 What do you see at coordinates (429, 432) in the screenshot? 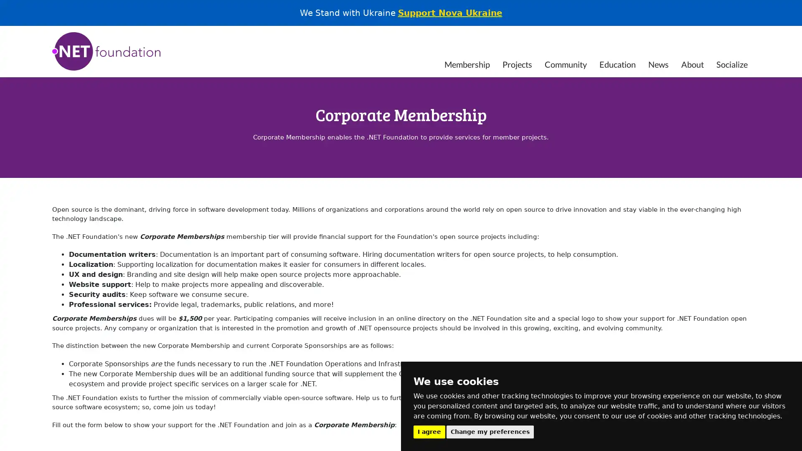
I see `I agree` at bounding box center [429, 432].